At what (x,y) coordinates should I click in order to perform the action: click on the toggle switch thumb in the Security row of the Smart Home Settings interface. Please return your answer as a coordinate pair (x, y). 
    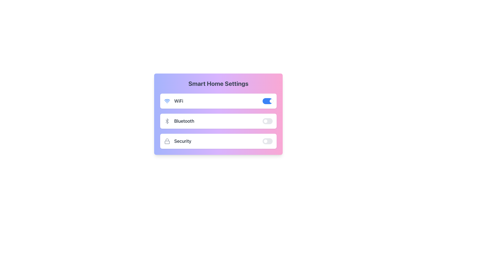
    Looking at the image, I should click on (265, 141).